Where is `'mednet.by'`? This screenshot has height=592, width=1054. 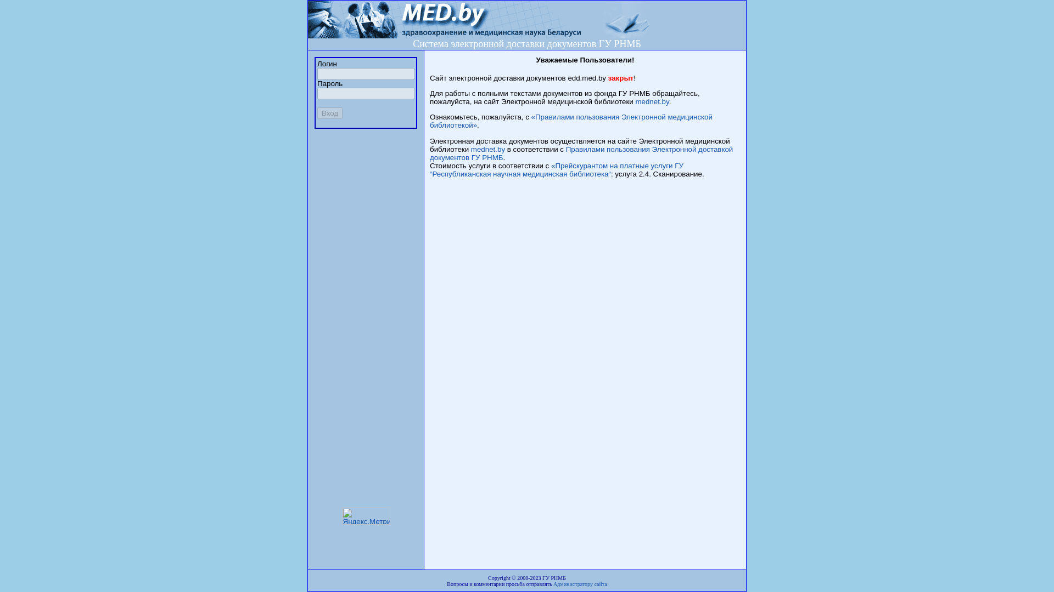
'mednet.by' is located at coordinates (652, 101).